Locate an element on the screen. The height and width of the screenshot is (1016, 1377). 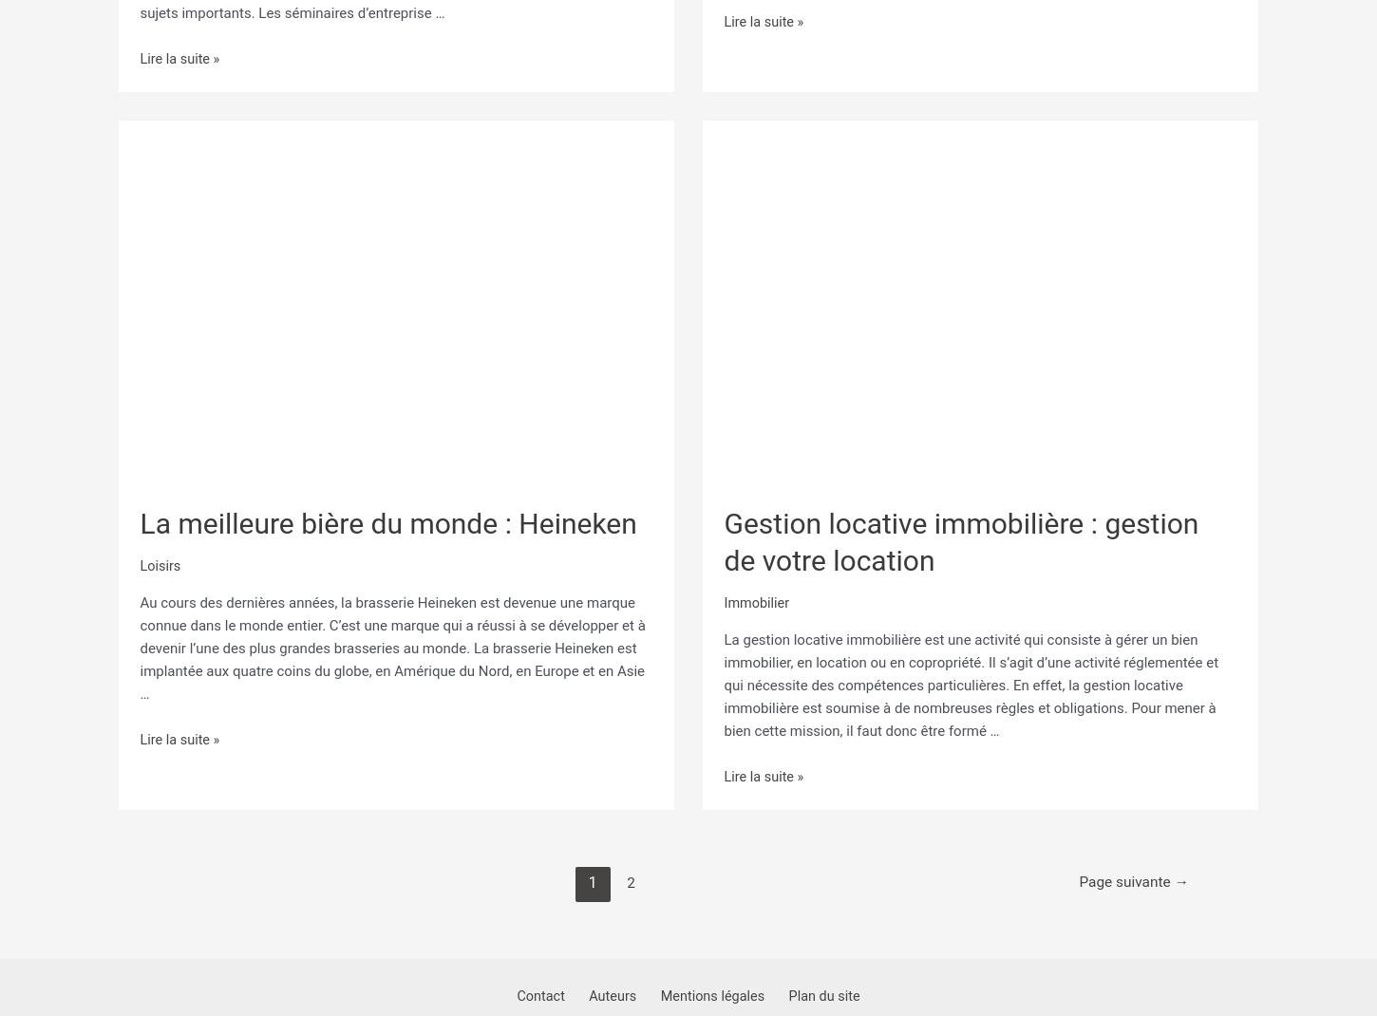
'Gestion locative immobilière : gestion de votre location' is located at coordinates (723, 534).